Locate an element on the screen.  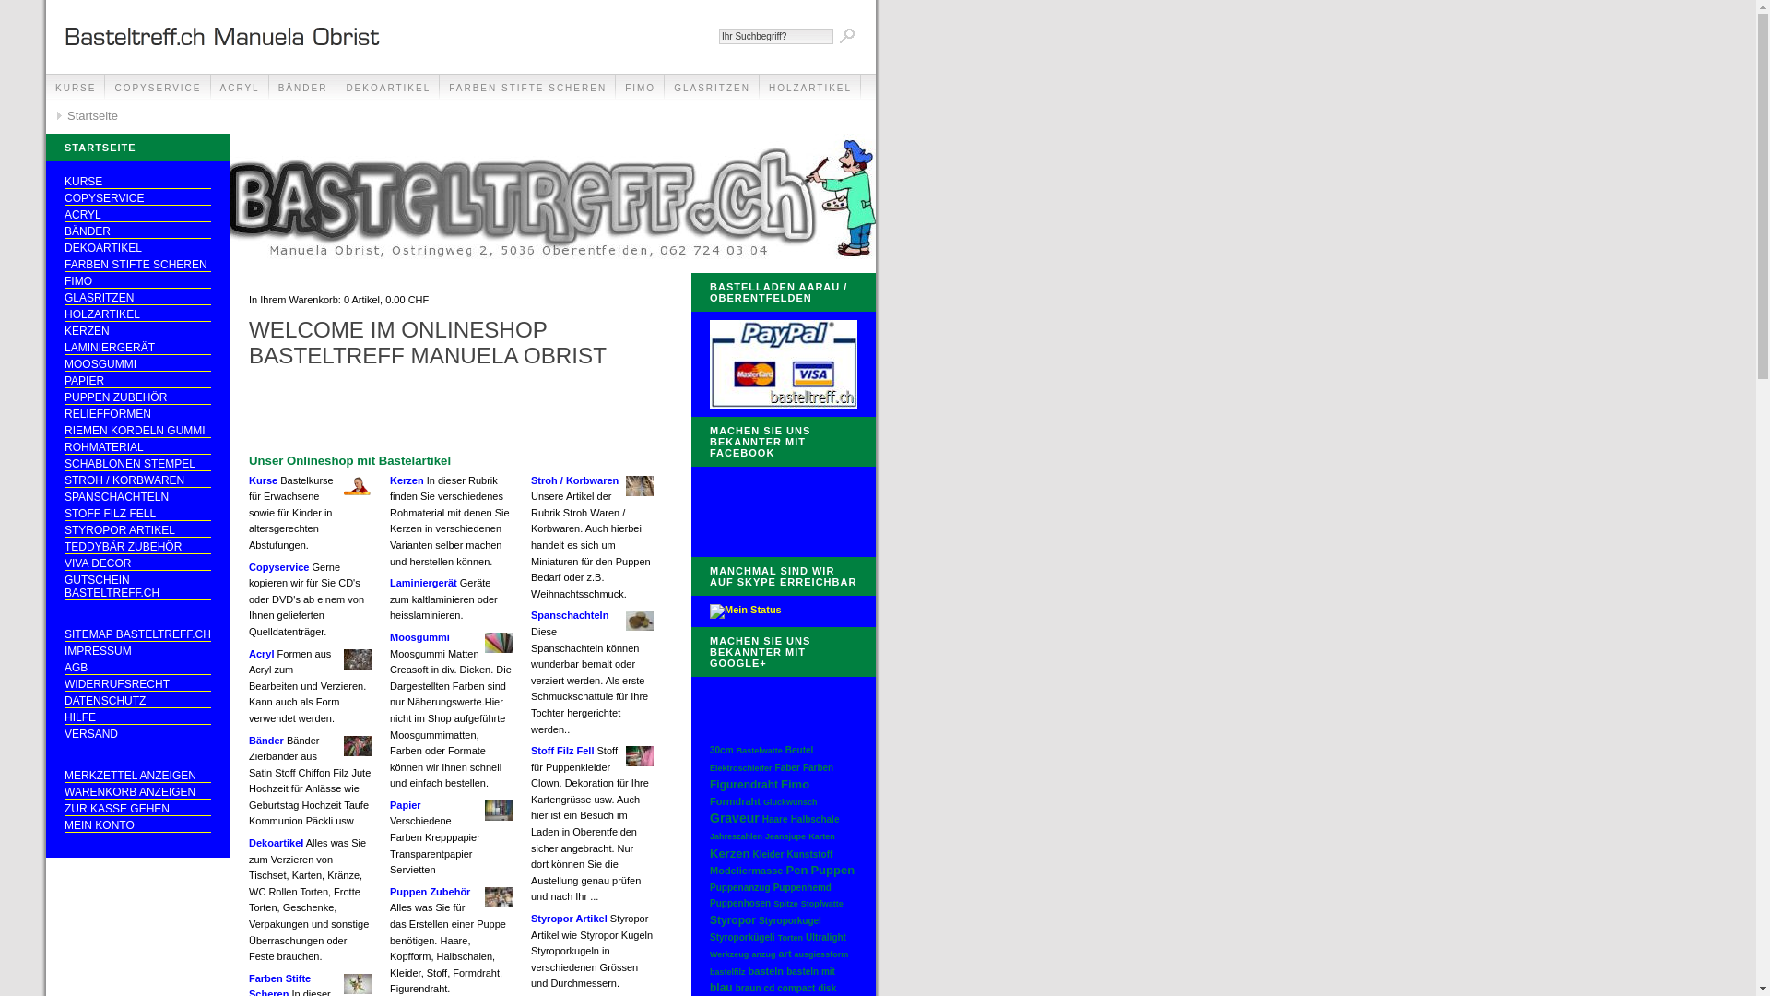
'Stroh / Korbwaren' is located at coordinates (530, 479).